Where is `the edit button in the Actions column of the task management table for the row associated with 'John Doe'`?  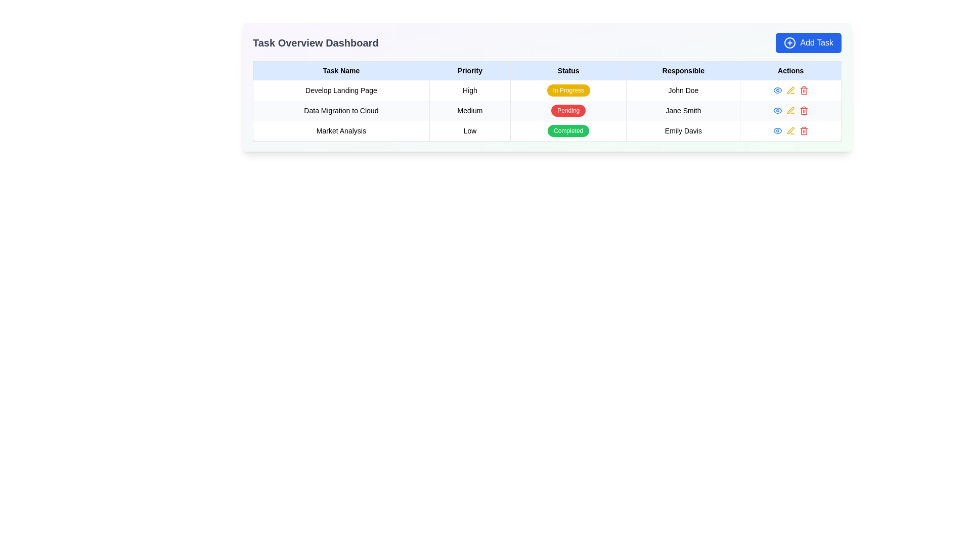
the edit button in the Actions column of the task management table for the row associated with 'John Doe' is located at coordinates (790, 89).